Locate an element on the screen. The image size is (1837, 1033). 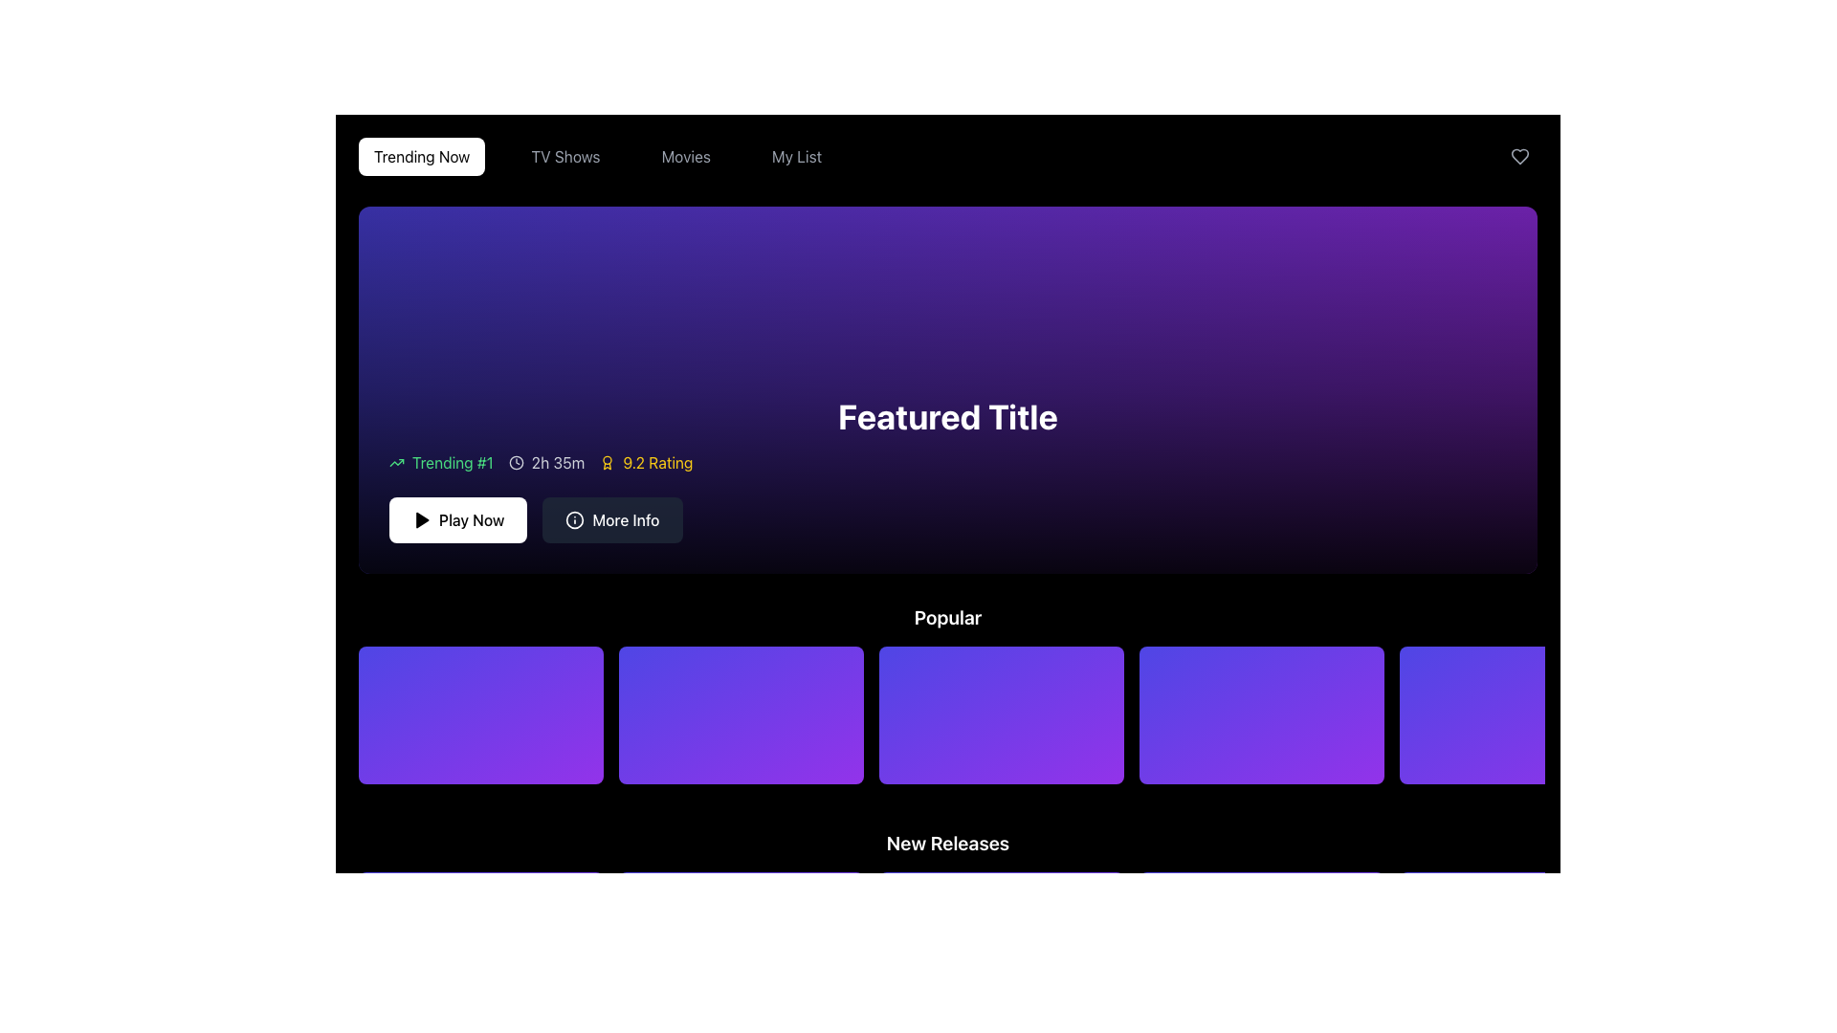
the heart-shaped icon located in the far-right corner of the header bar to favorite the associated content is located at coordinates (1518, 156).